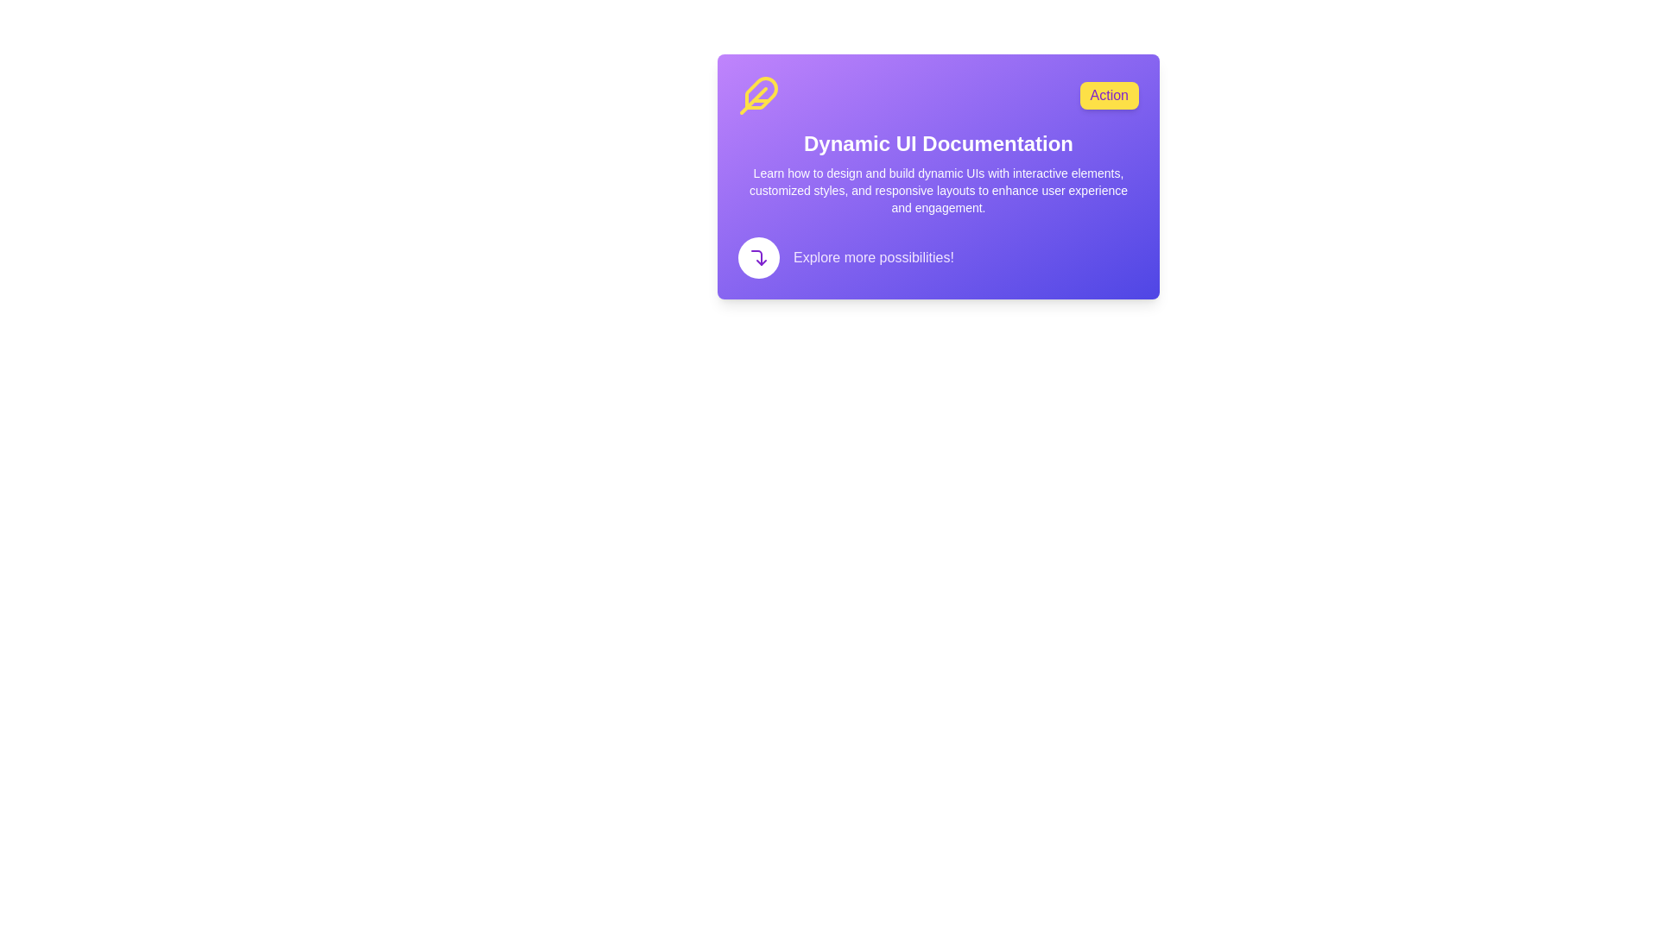 Image resolution: width=1658 pixels, height=932 pixels. I want to click on the SVG icon located in the bottom-left section of the card component, so click(758, 258).